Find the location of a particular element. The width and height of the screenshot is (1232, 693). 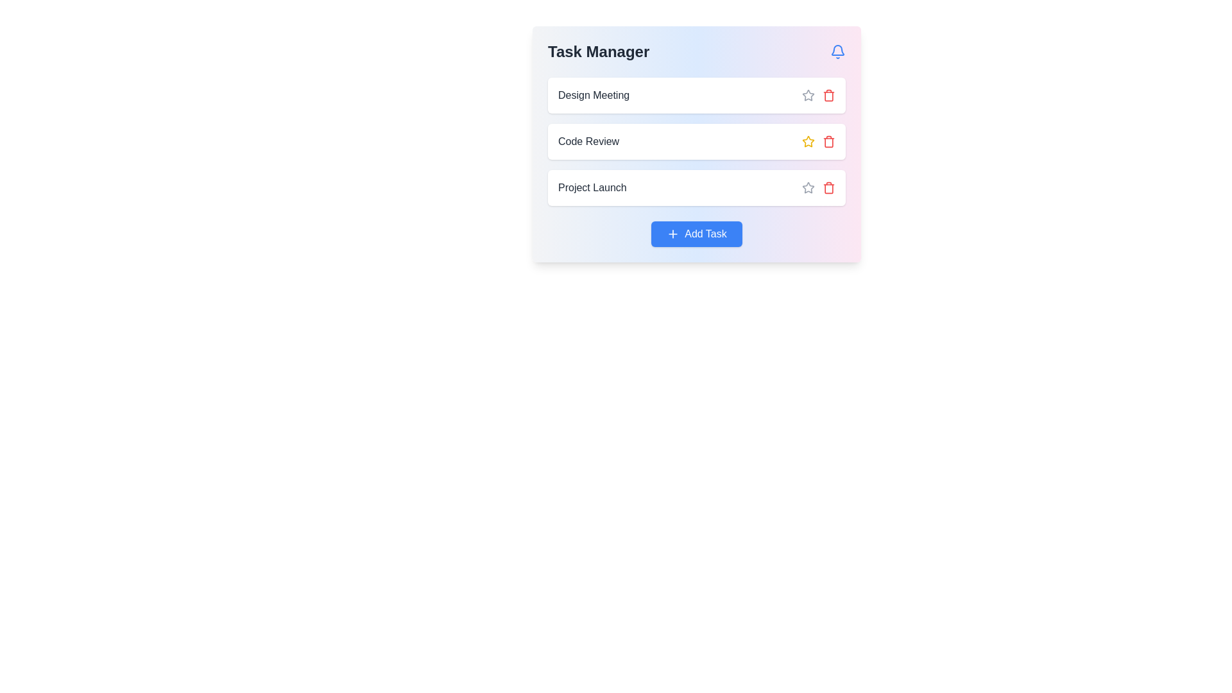

the trash icon in the Interactive icon group next to the 'Design Meeting' entry is located at coordinates (818, 95).